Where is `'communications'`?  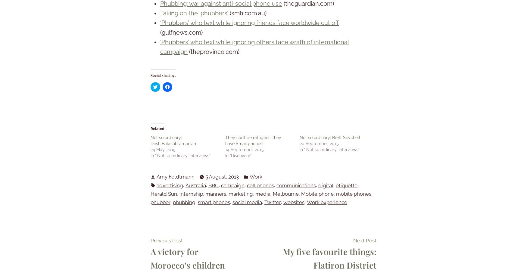
'communications' is located at coordinates (296, 185).